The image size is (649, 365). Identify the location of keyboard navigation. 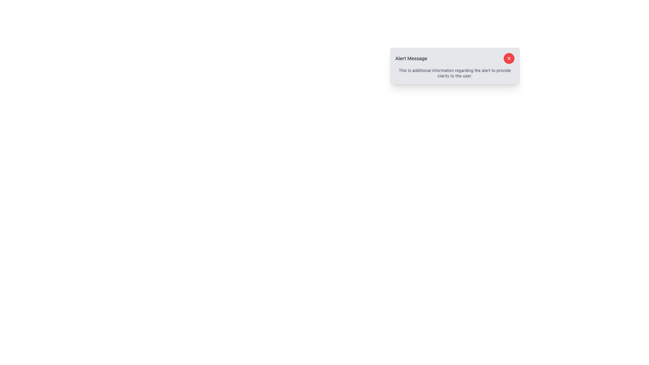
(509, 58).